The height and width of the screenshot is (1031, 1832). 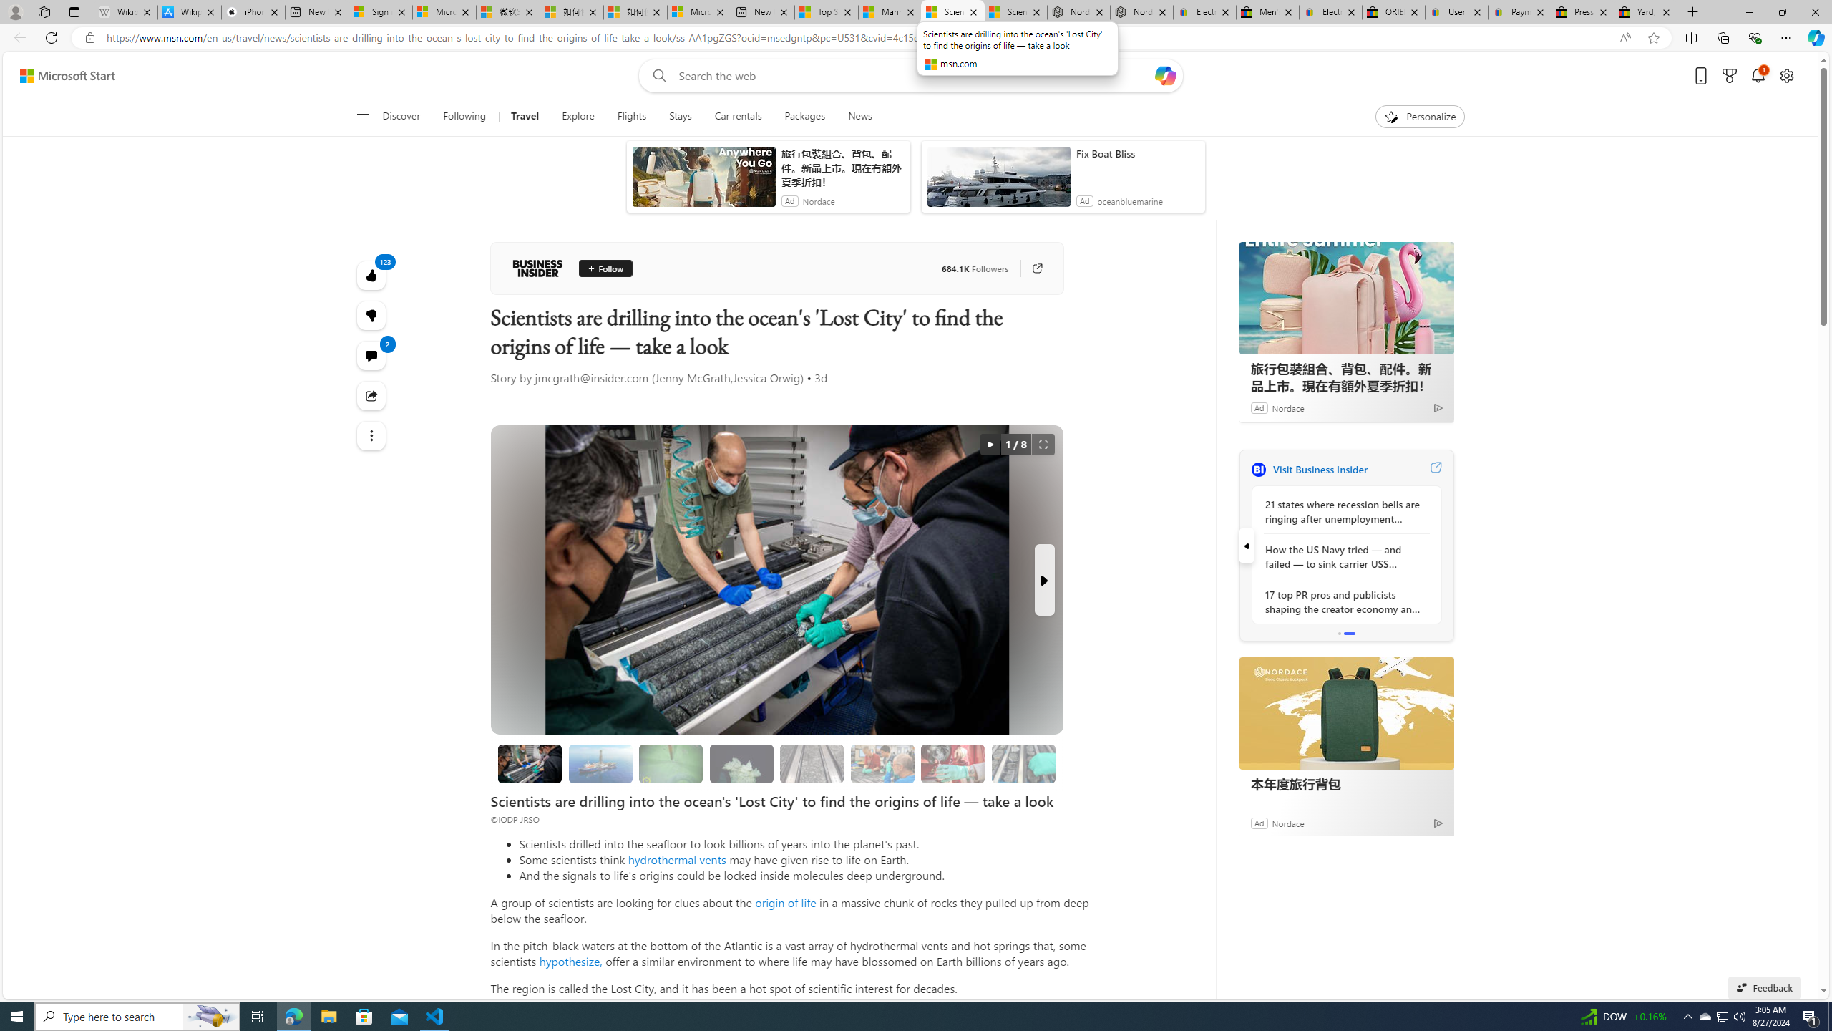 What do you see at coordinates (361, 116) in the screenshot?
I see `'Class: button-glyph'` at bounding box center [361, 116].